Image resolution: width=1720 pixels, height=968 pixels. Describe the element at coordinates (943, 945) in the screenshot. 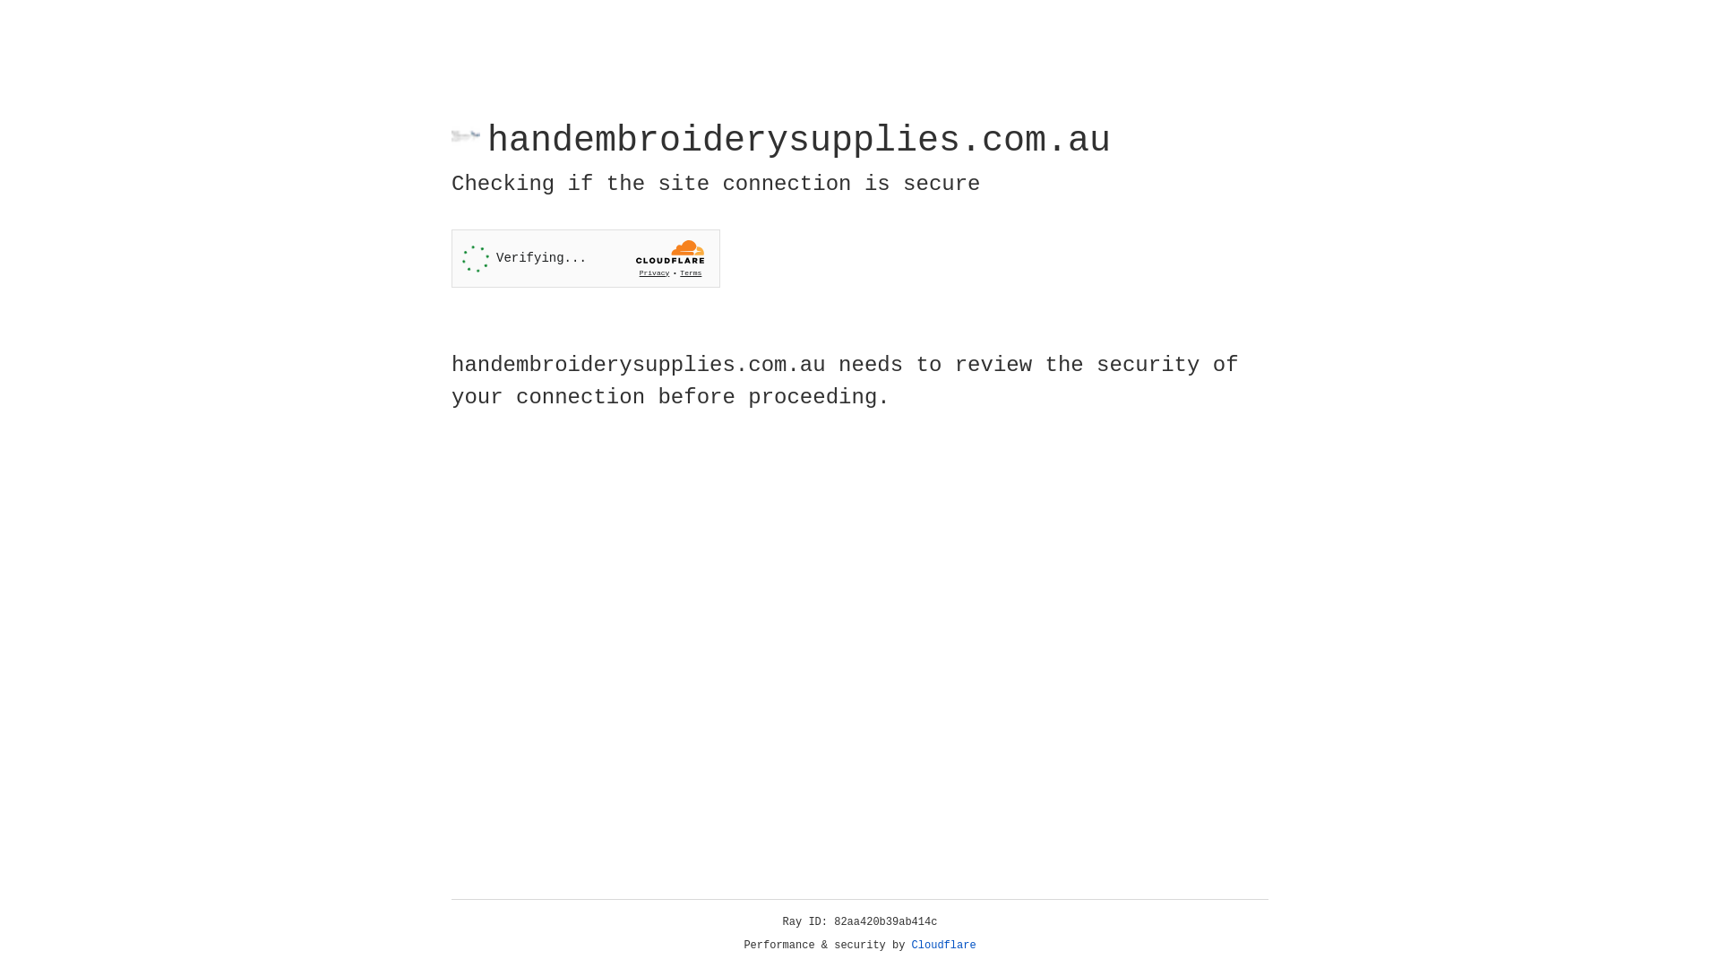

I see `'Cloudflare'` at that location.